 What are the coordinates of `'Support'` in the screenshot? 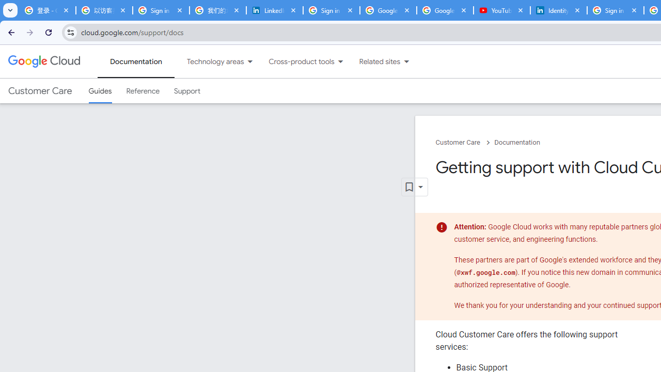 It's located at (187, 90).